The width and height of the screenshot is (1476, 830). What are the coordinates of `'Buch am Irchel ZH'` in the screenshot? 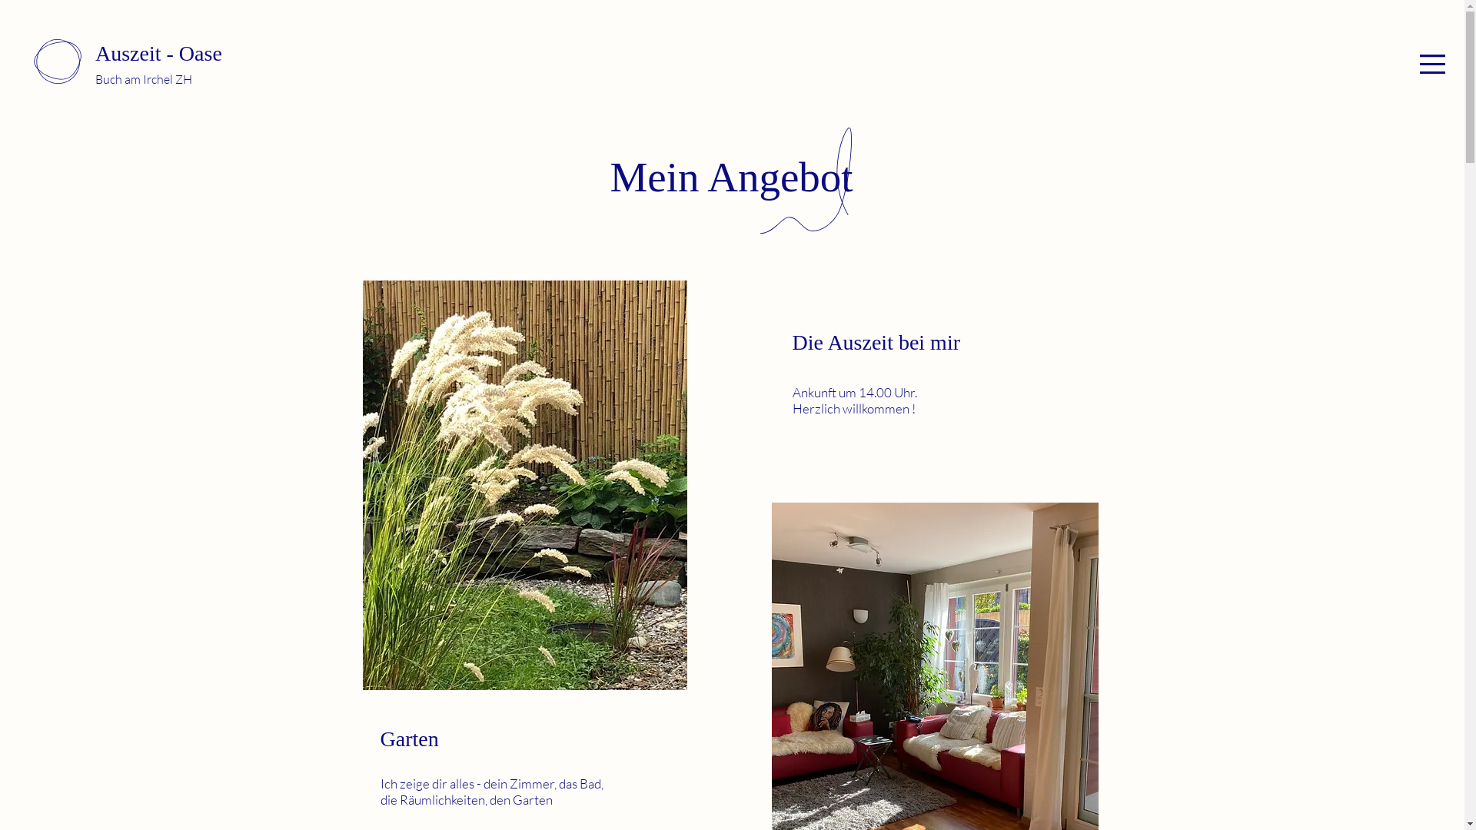 It's located at (95, 79).